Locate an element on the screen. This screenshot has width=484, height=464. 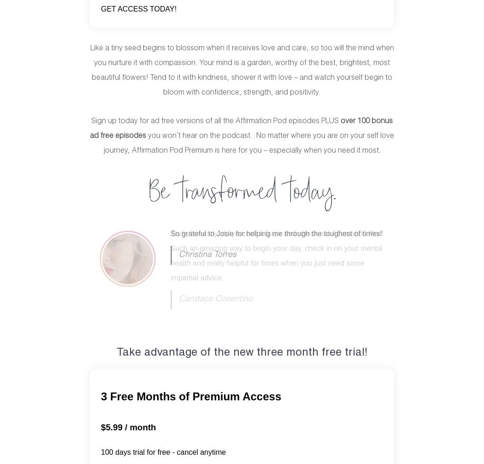
'you won’t hear on the podcast.  No matter where you are on your self love journey, Affirmation Pod Premium is here for you – especially when you need it most.' is located at coordinates (248, 143).